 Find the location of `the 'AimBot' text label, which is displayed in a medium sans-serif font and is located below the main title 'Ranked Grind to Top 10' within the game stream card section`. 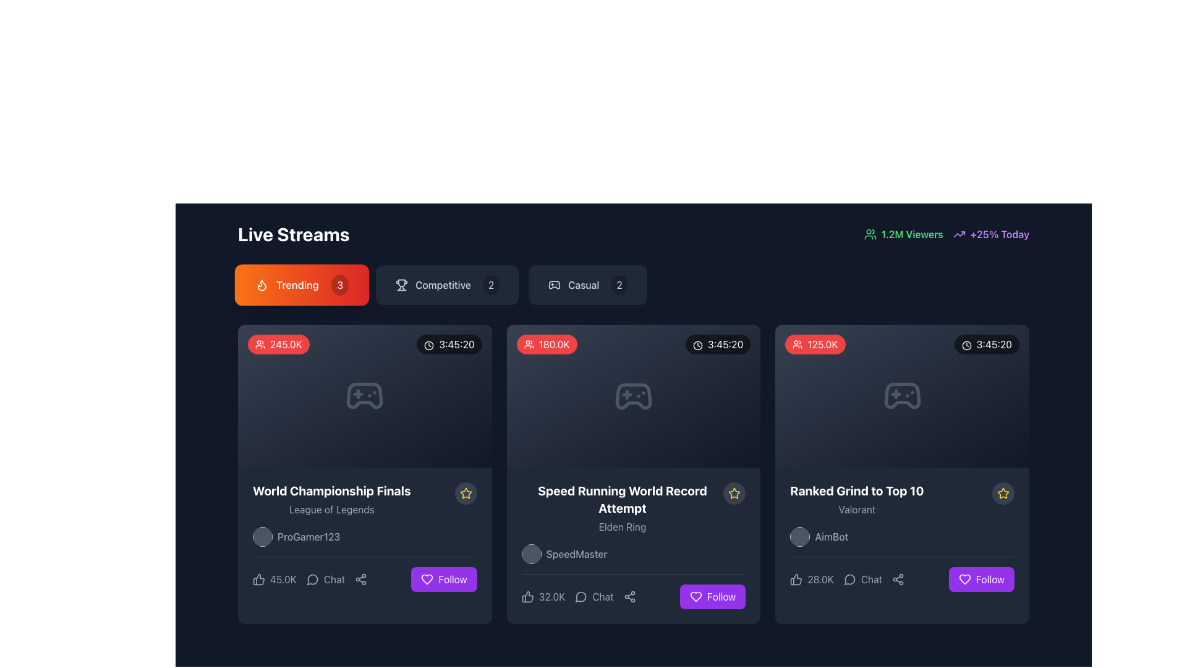

the 'AimBot' text label, which is displayed in a medium sans-serif font and is located below the main title 'Ranked Grind to Top 10' within the game stream card section is located at coordinates (832, 536).